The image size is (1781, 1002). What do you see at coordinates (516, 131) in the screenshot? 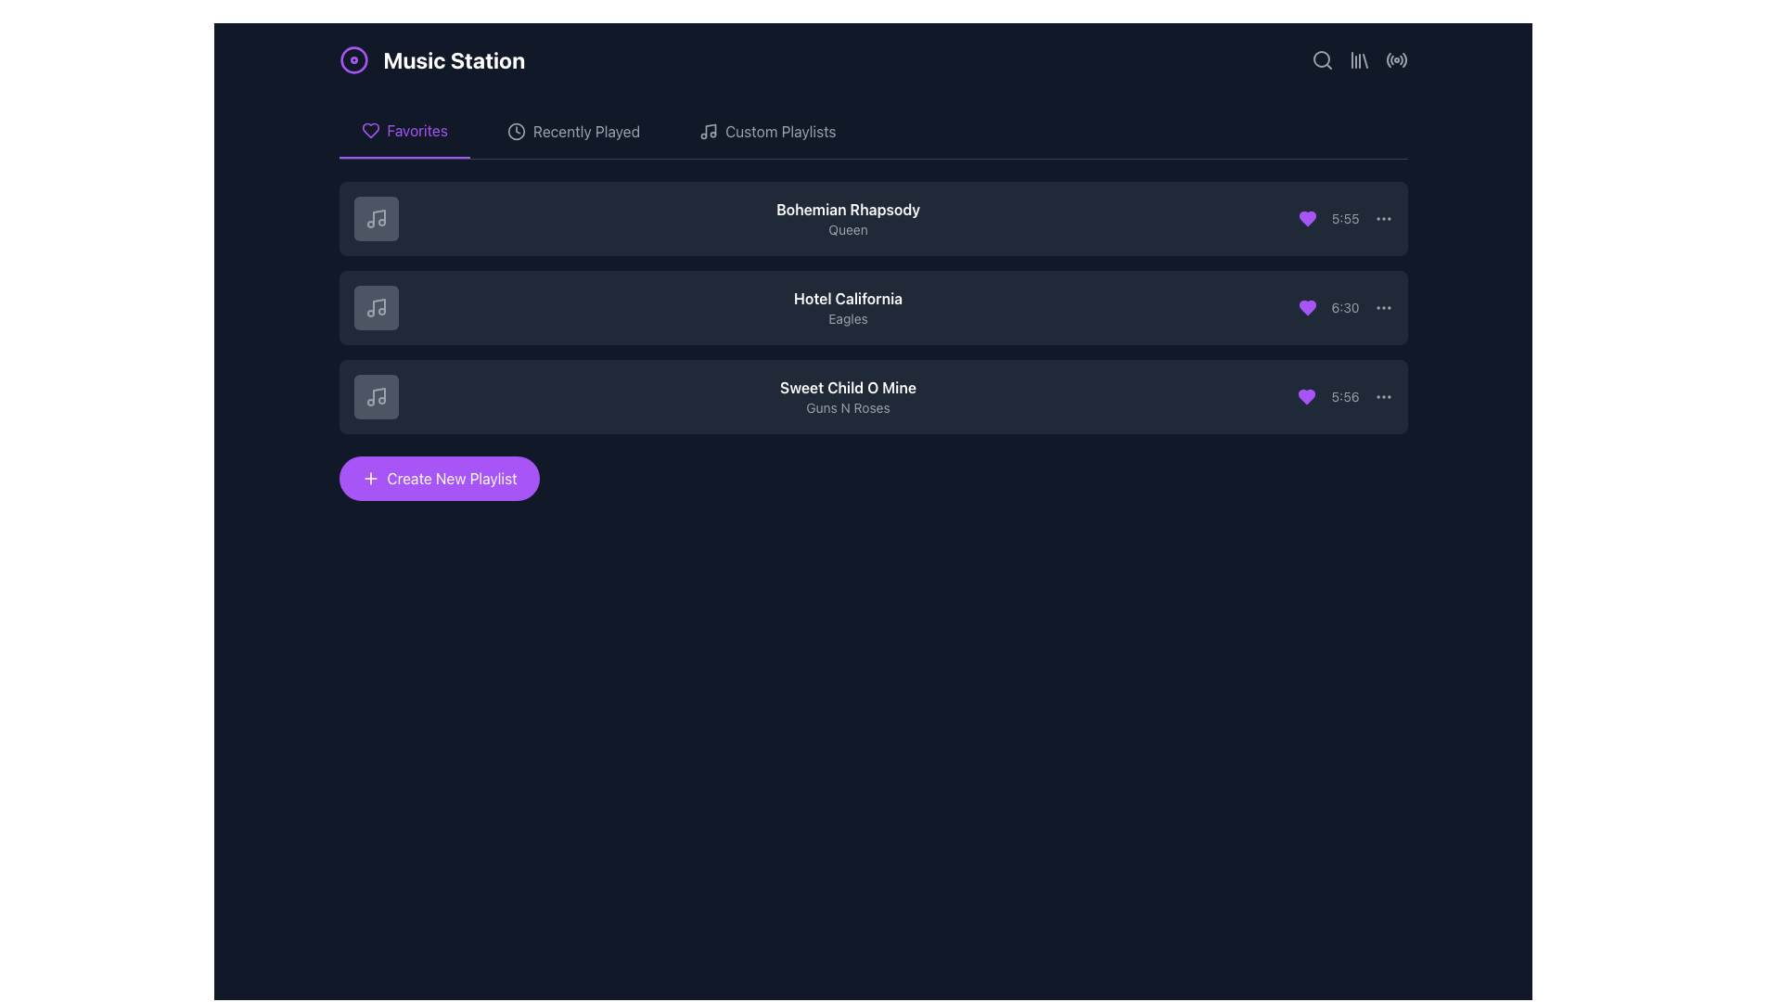
I see `the circular SVG shape of the clock face icon located in the 'Recently Played' tab in the navigation bar` at bounding box center [516, 131].